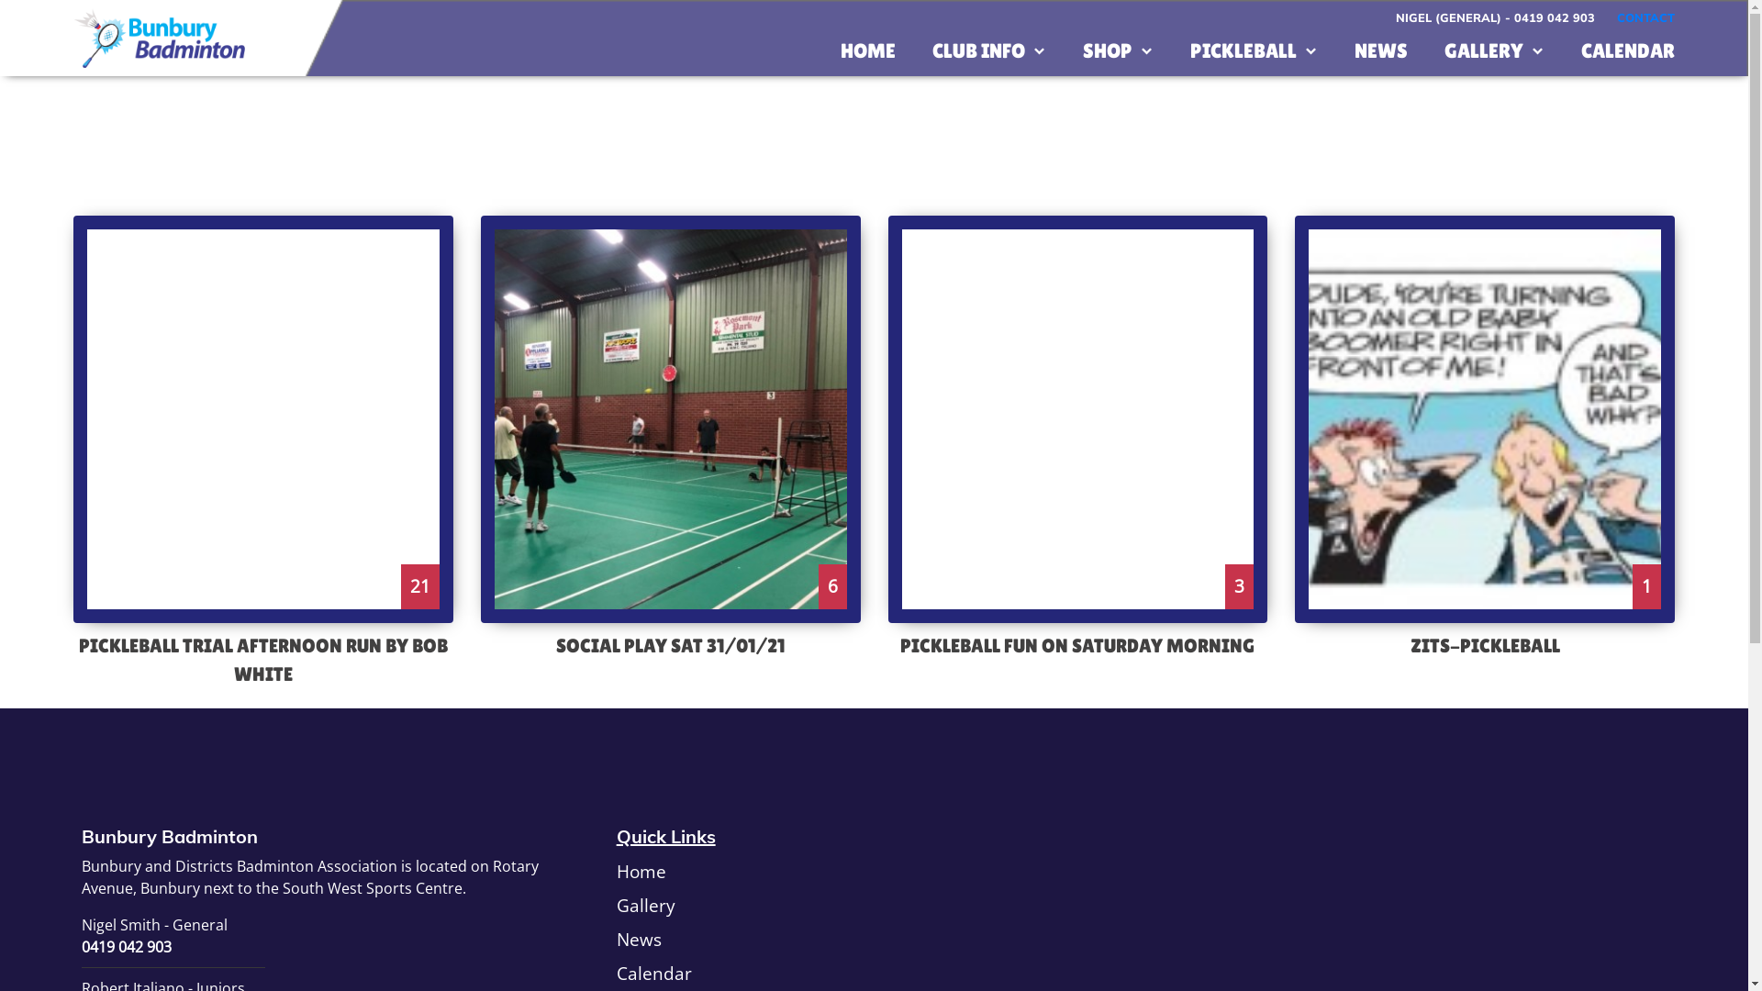 The height and width of the screenshot is (991, 1762). What do you see at coordinates (1616, 17) in the screenshot?
I see `'CONTACT'` at bounding box center [1616, 17].